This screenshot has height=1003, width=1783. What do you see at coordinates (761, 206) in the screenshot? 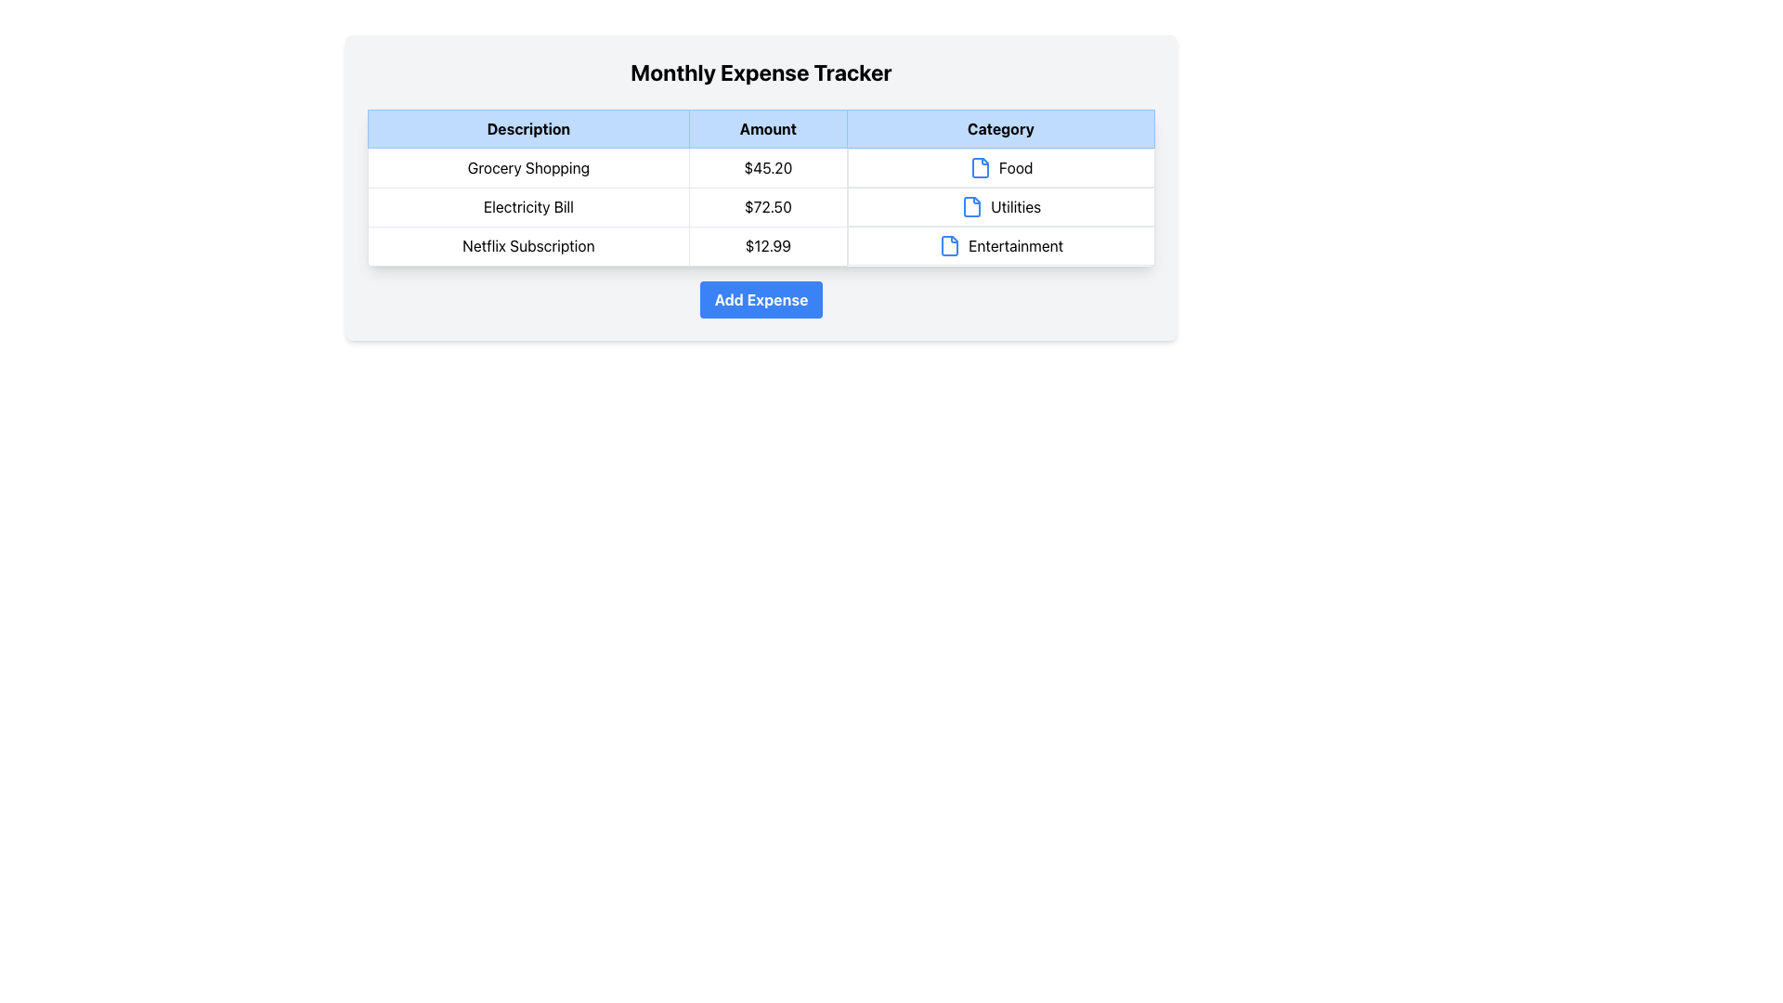
I see `the second row of the expense table, which contains columns for description, amount, and category` at bounding box center [761, 206].